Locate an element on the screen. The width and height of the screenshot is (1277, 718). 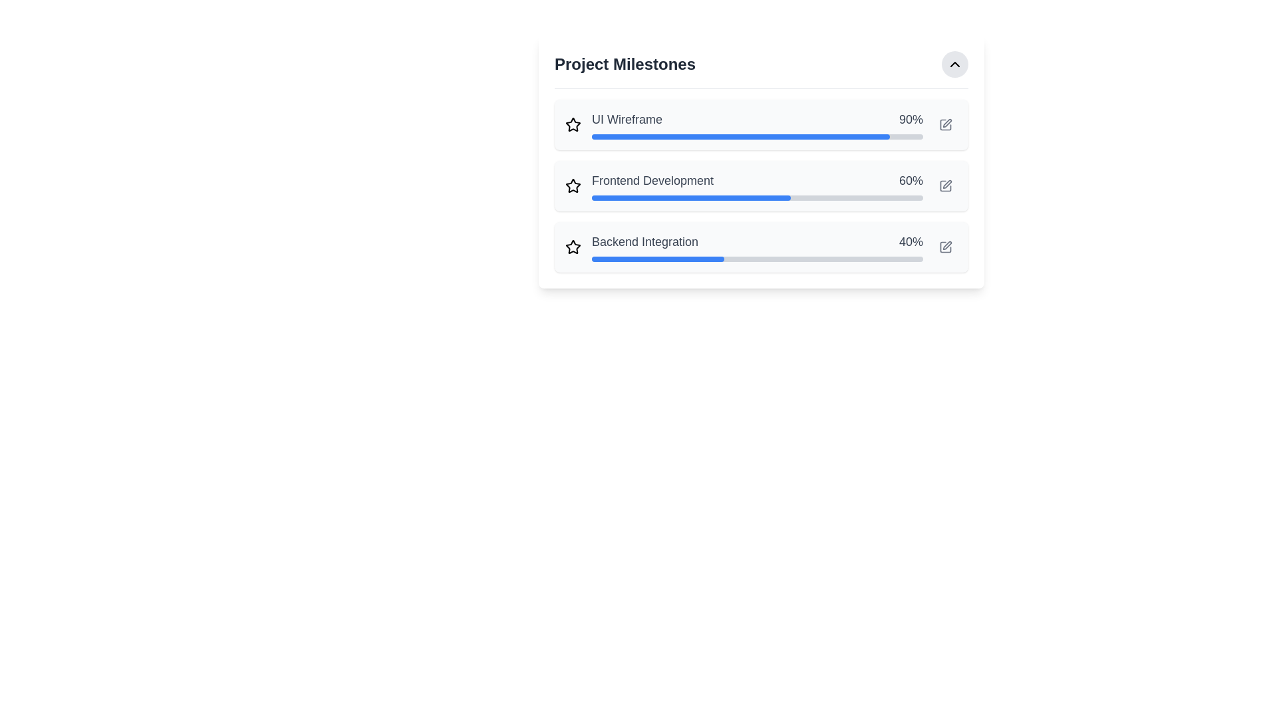
the Progress Bar representing the 'Backend Integration' milestone, which visually indicates a completion percentage of 40% is located at coordinates (757, 259).